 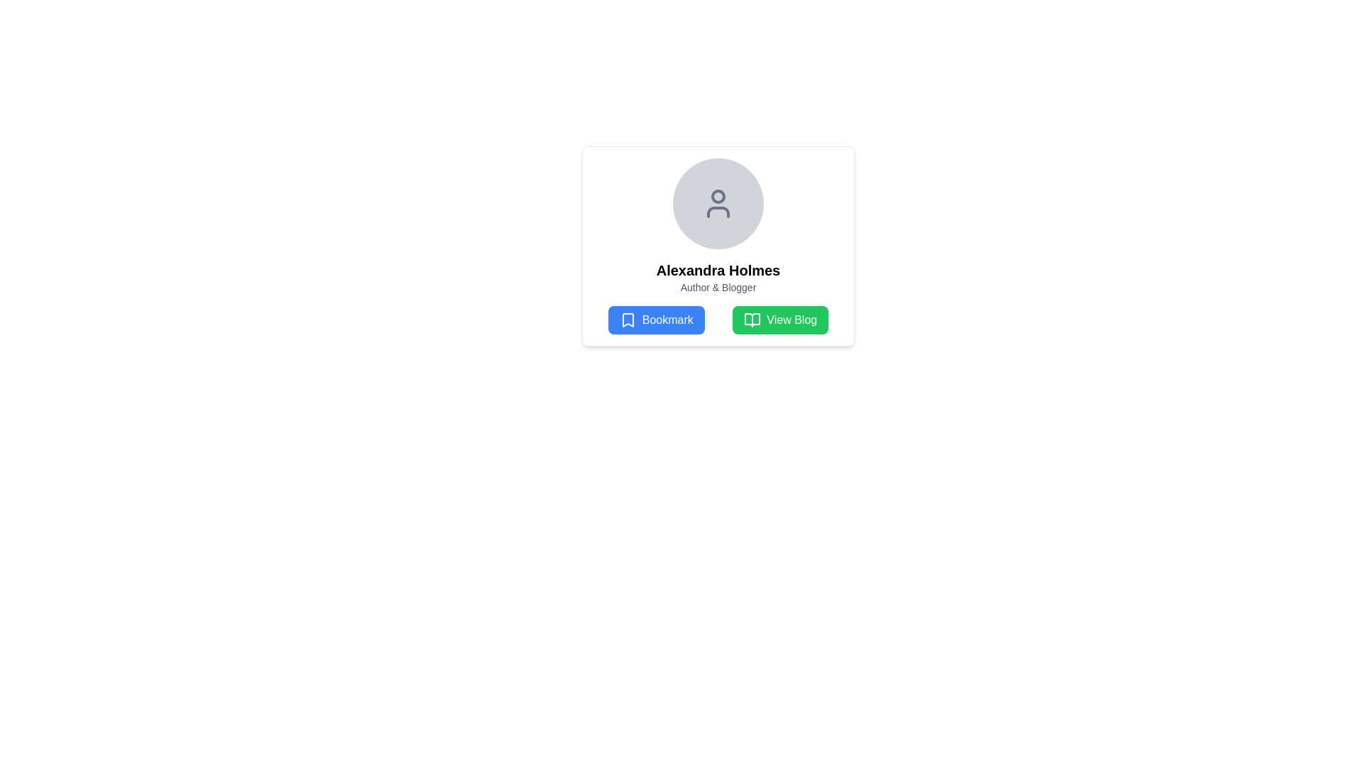 I want to click on the Profile Avatar located at the top of the user card layout to display tooltip or details about the user, so click(x=718, y=203).